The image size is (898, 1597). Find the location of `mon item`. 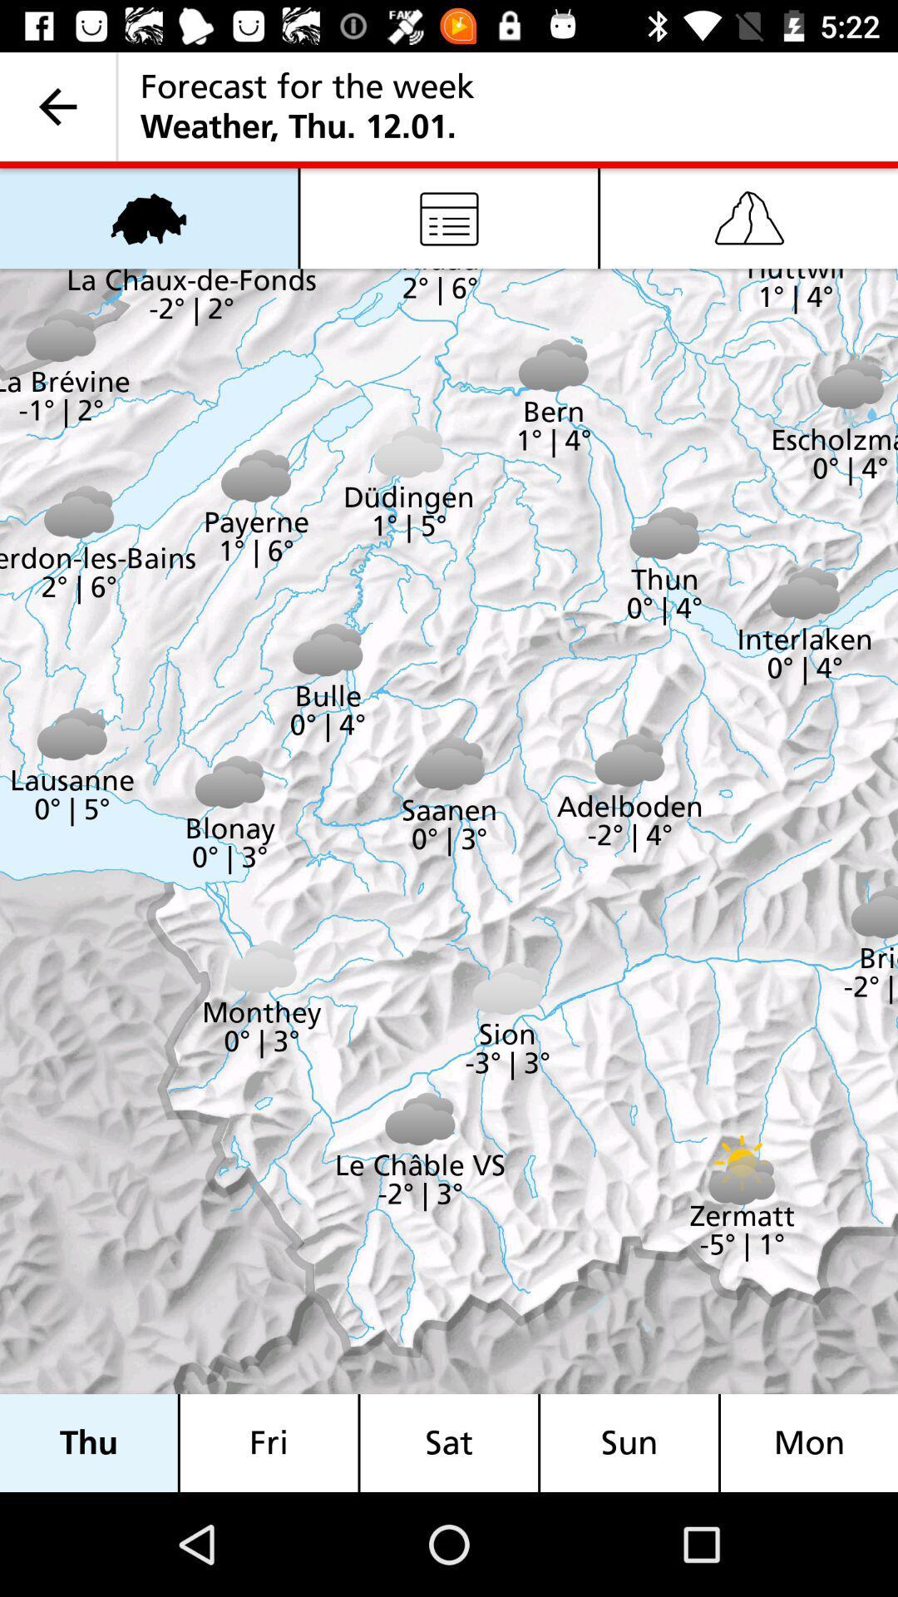

mon item is located at coordinates (808, 1442).